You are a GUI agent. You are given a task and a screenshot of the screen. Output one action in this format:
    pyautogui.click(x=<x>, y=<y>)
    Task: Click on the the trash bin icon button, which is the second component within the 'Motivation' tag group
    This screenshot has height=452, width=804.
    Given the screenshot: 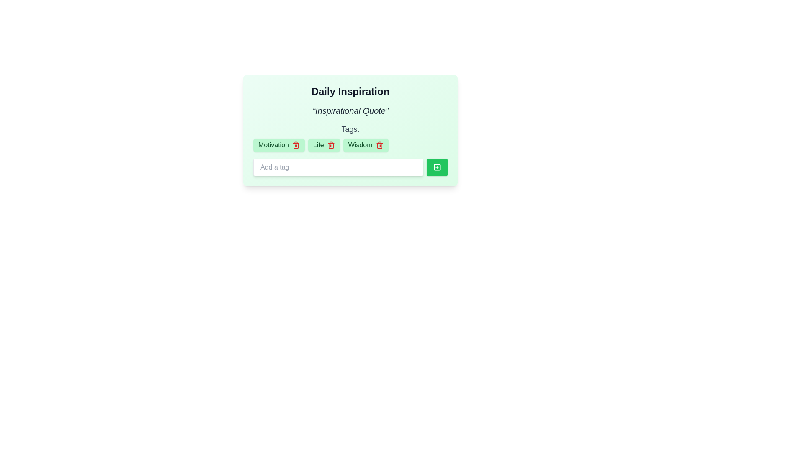 What is the action you would take?
    pyautogui.click(x=296, y=145)
    